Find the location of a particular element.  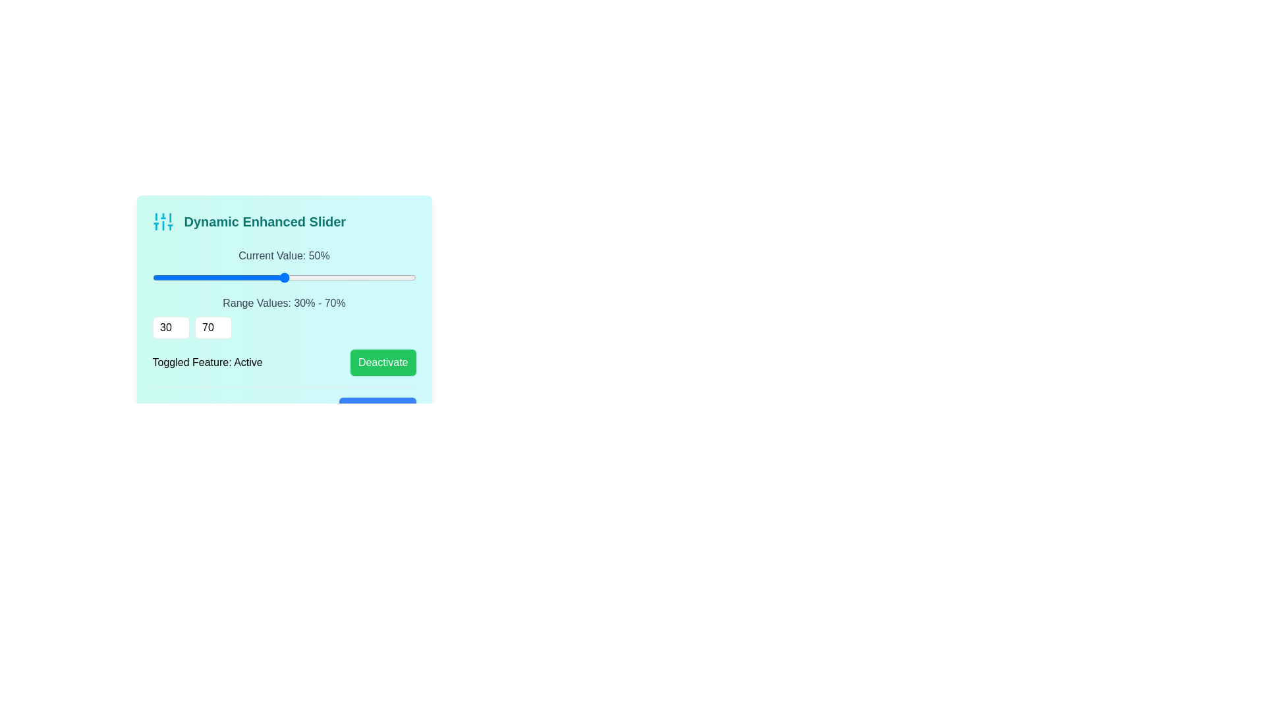

the 'Confirm' button with a blue background and a checkmark icon, located at the bottom right of the interface to confirm an action is located at coordinates (377, 410).